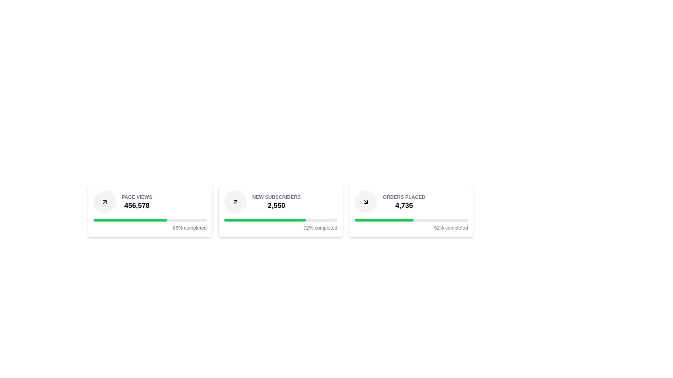  I want to click on the text display element that shows the count of new subscribers, located directly below the 'New Subscribers' label in the center panel of the card, so click(276, 205).